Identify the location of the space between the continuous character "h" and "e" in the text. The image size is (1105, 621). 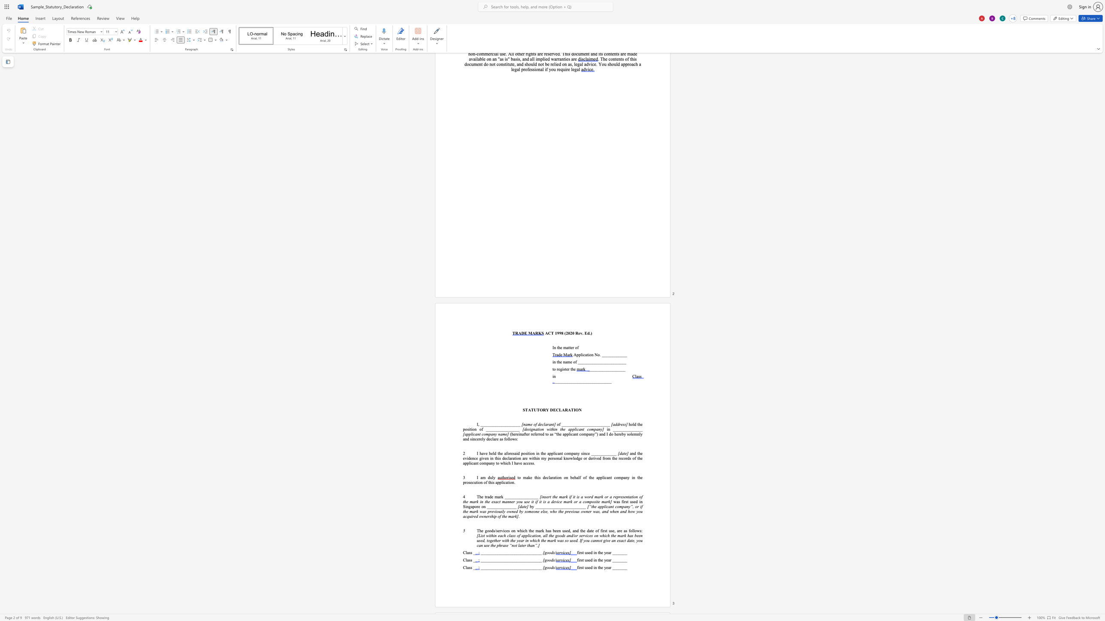
(481, 497).